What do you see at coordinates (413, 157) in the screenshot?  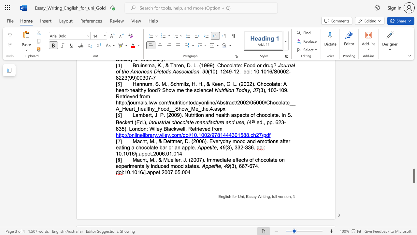 I see `the scrollbar` at bounding box center [413, 157].